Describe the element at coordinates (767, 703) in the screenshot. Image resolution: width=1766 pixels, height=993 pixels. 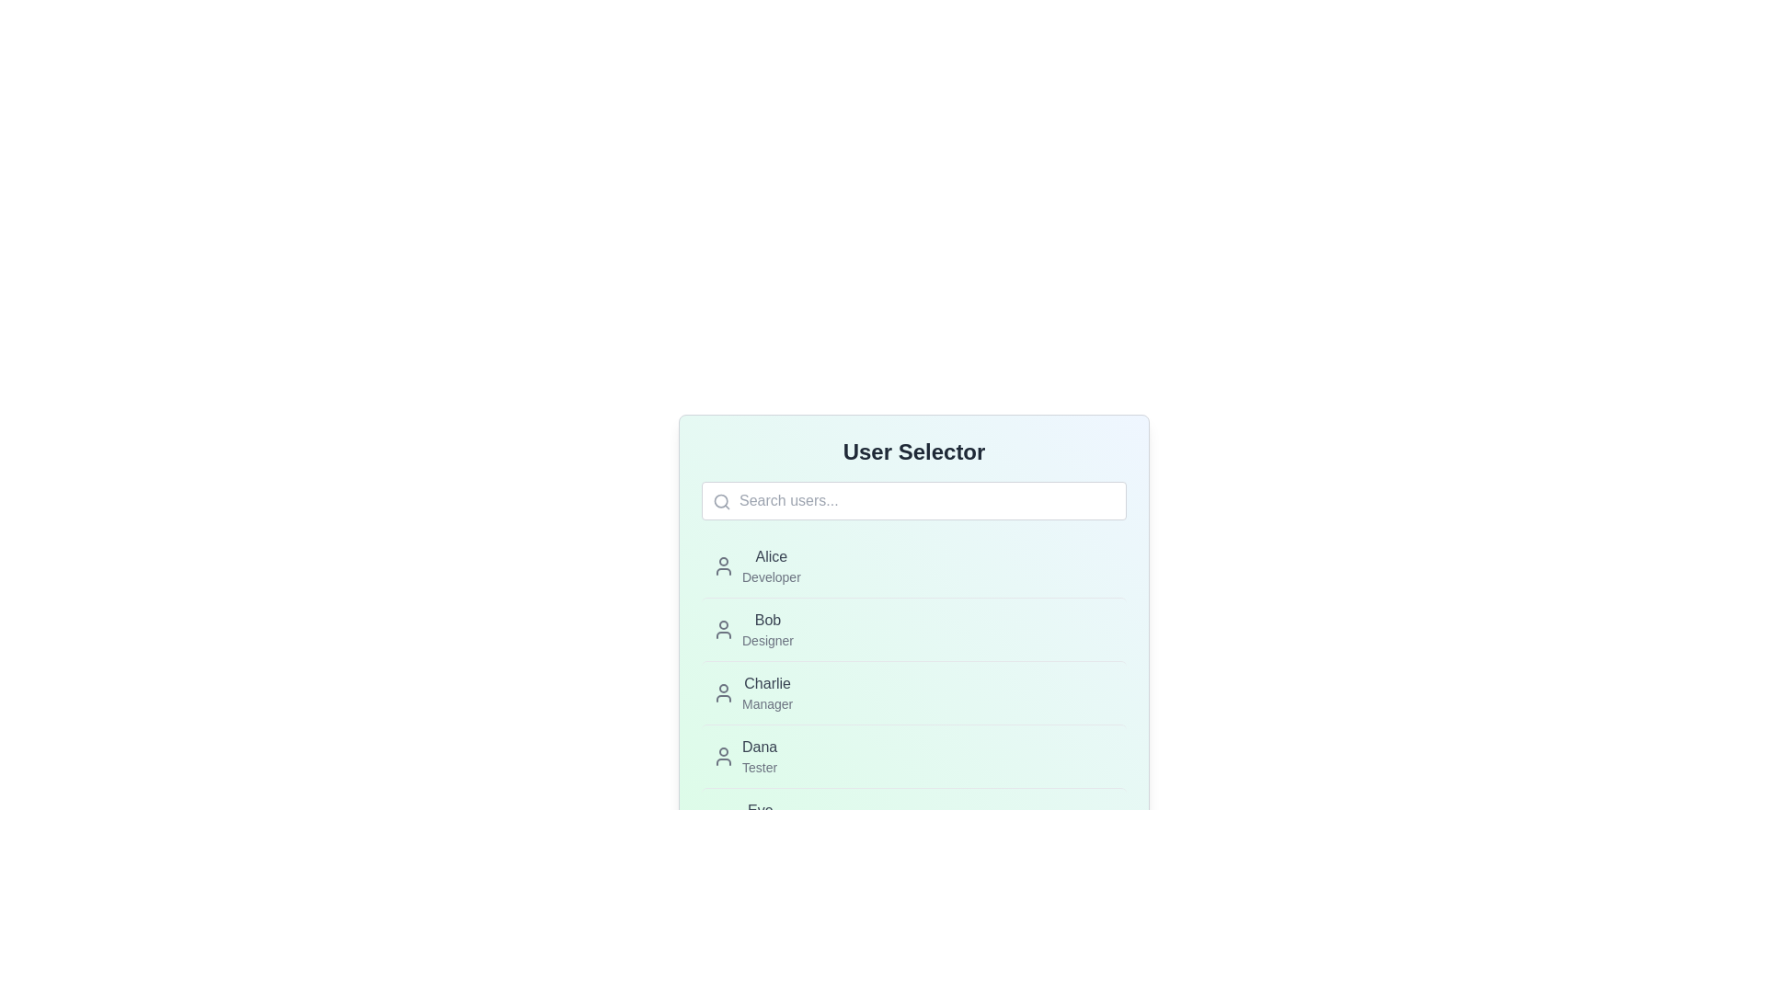
I see `the text label displaying the job title 'Manager' for the user 'Charlie', which is located in the third user list item card under 'User Selector'` at that location.